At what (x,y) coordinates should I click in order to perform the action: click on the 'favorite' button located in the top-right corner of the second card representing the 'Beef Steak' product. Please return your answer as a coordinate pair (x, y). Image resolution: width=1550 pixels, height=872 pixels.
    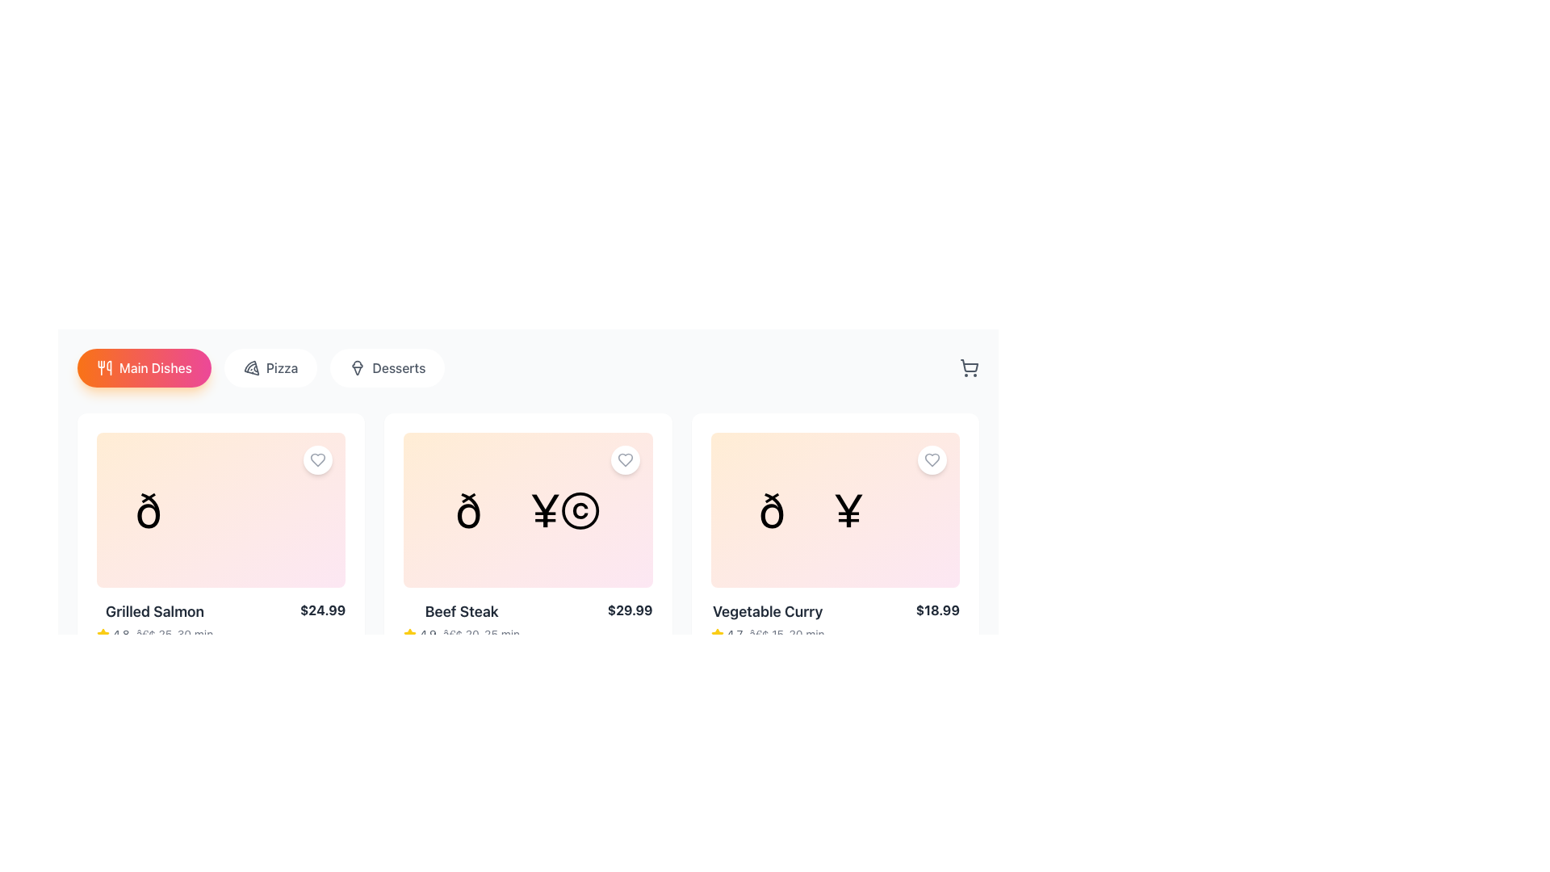
    Looking at the image, I should click on (624, 460).